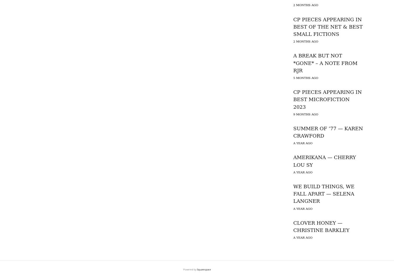 The width and height of the screenshot is (394, 278). What do you see at coordinates (306, 78) in the screenshot?
I see `'5 months ago'` at bounding box center [306, 78].